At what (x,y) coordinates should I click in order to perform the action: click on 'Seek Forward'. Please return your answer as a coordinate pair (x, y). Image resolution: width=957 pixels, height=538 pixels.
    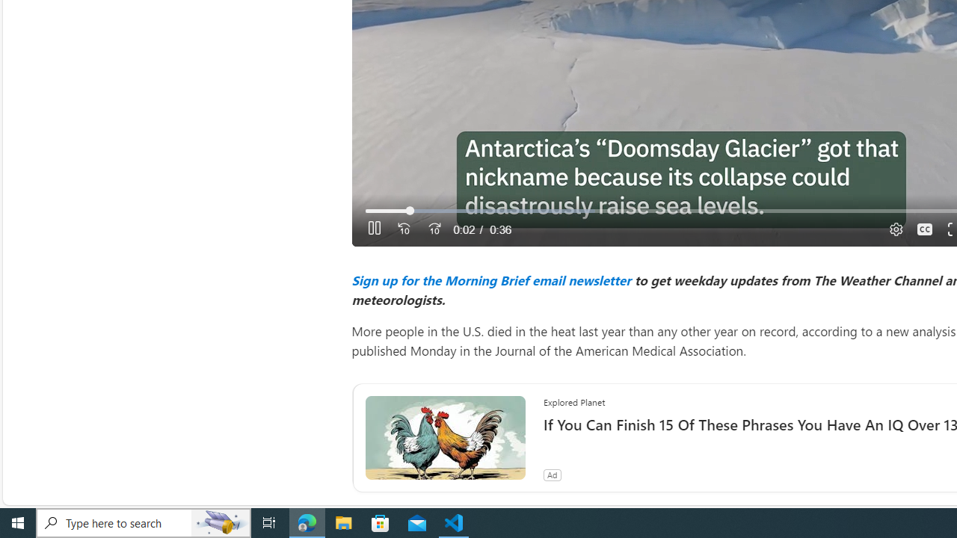
    Looking at the image, I should click on (434, 229).